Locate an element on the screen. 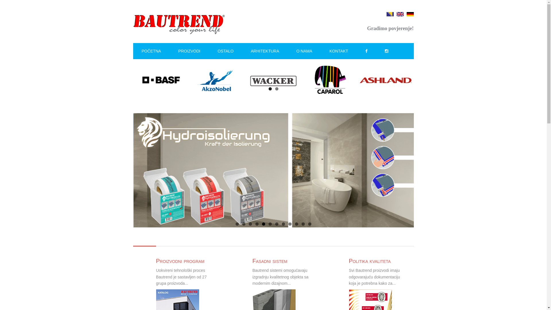 This screenshot has height=310, width=551. '3' is located at coordinates (250, 224).